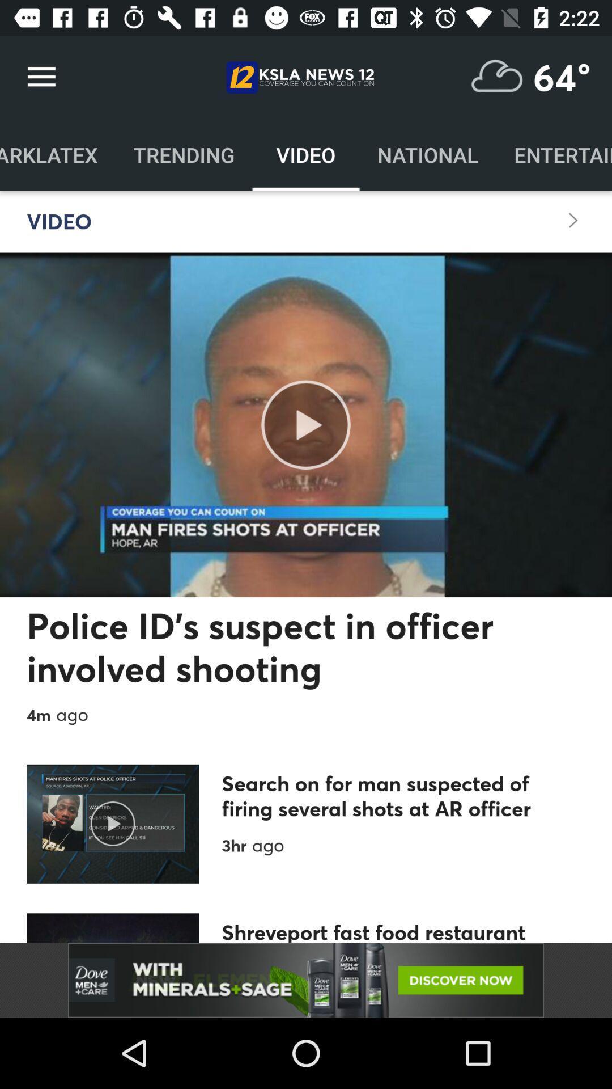 This screenshot has height=1089, width=612. I want to click on the addvertisement, so click(306, 980).